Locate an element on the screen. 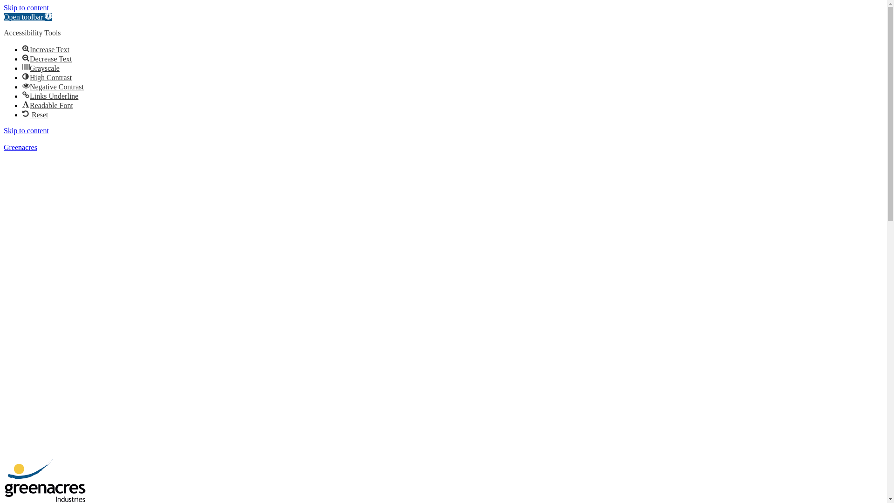 This screenshot has width=894, height=503. 'Greenacres' is located at coordinates (20, 147).